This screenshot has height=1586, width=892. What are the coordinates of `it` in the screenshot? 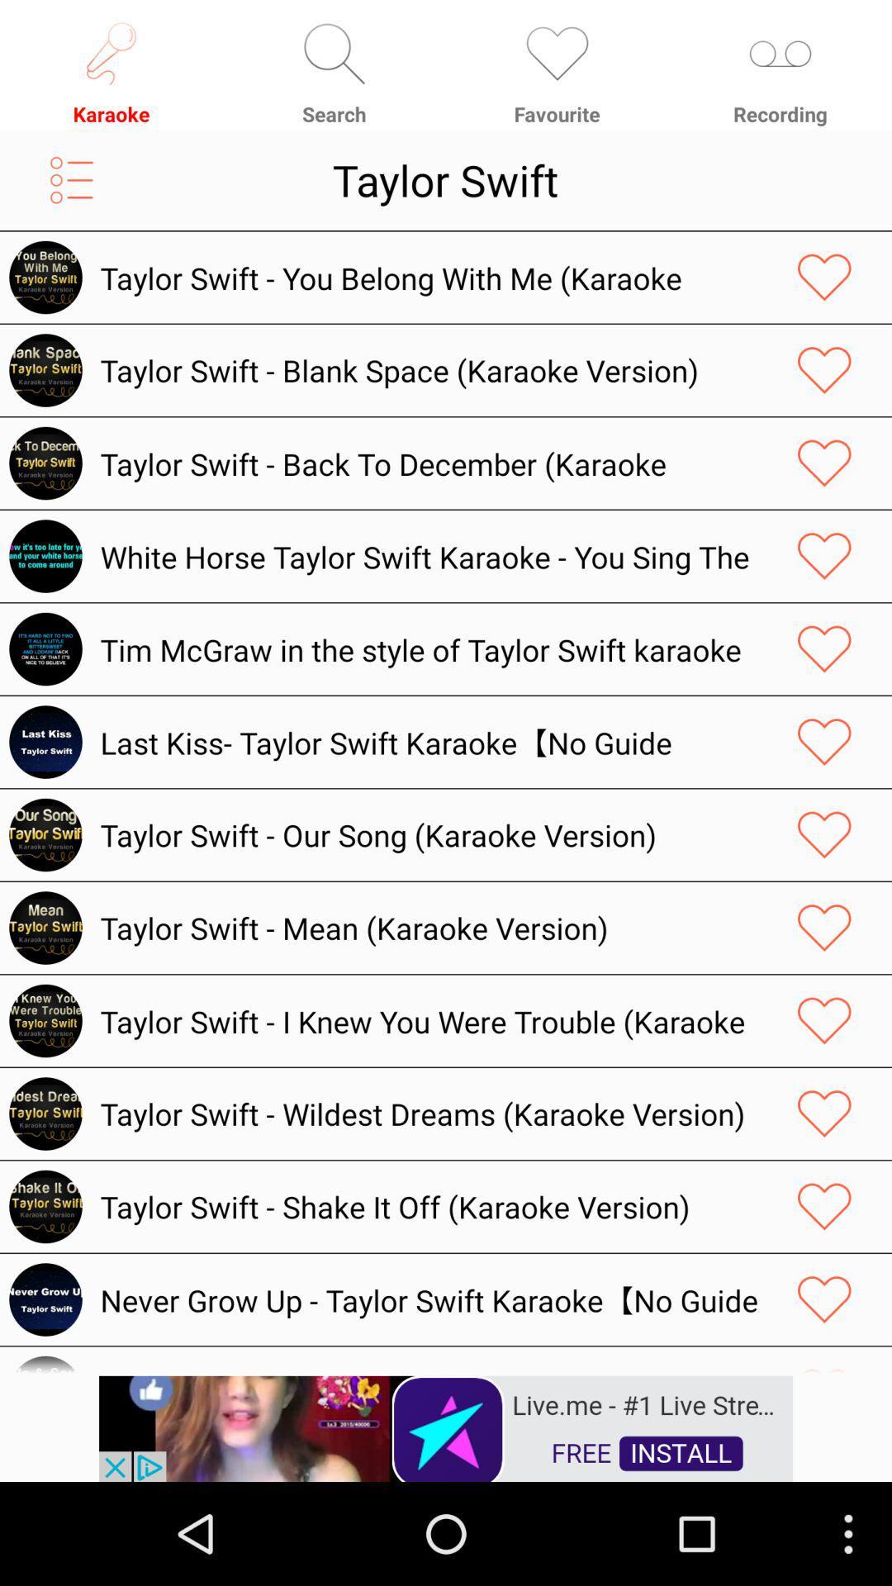 It's located at (824, 463).